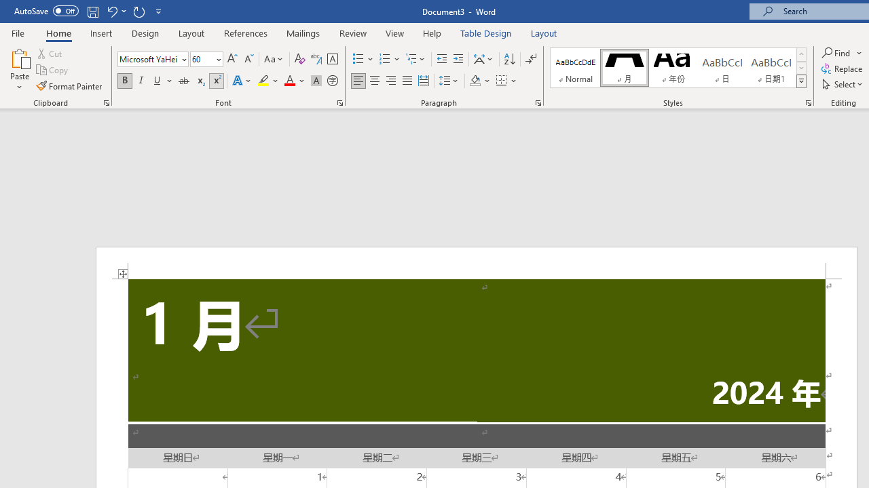 The image size is (869, 488). I want to click on 'Borders', so click(506, 81).